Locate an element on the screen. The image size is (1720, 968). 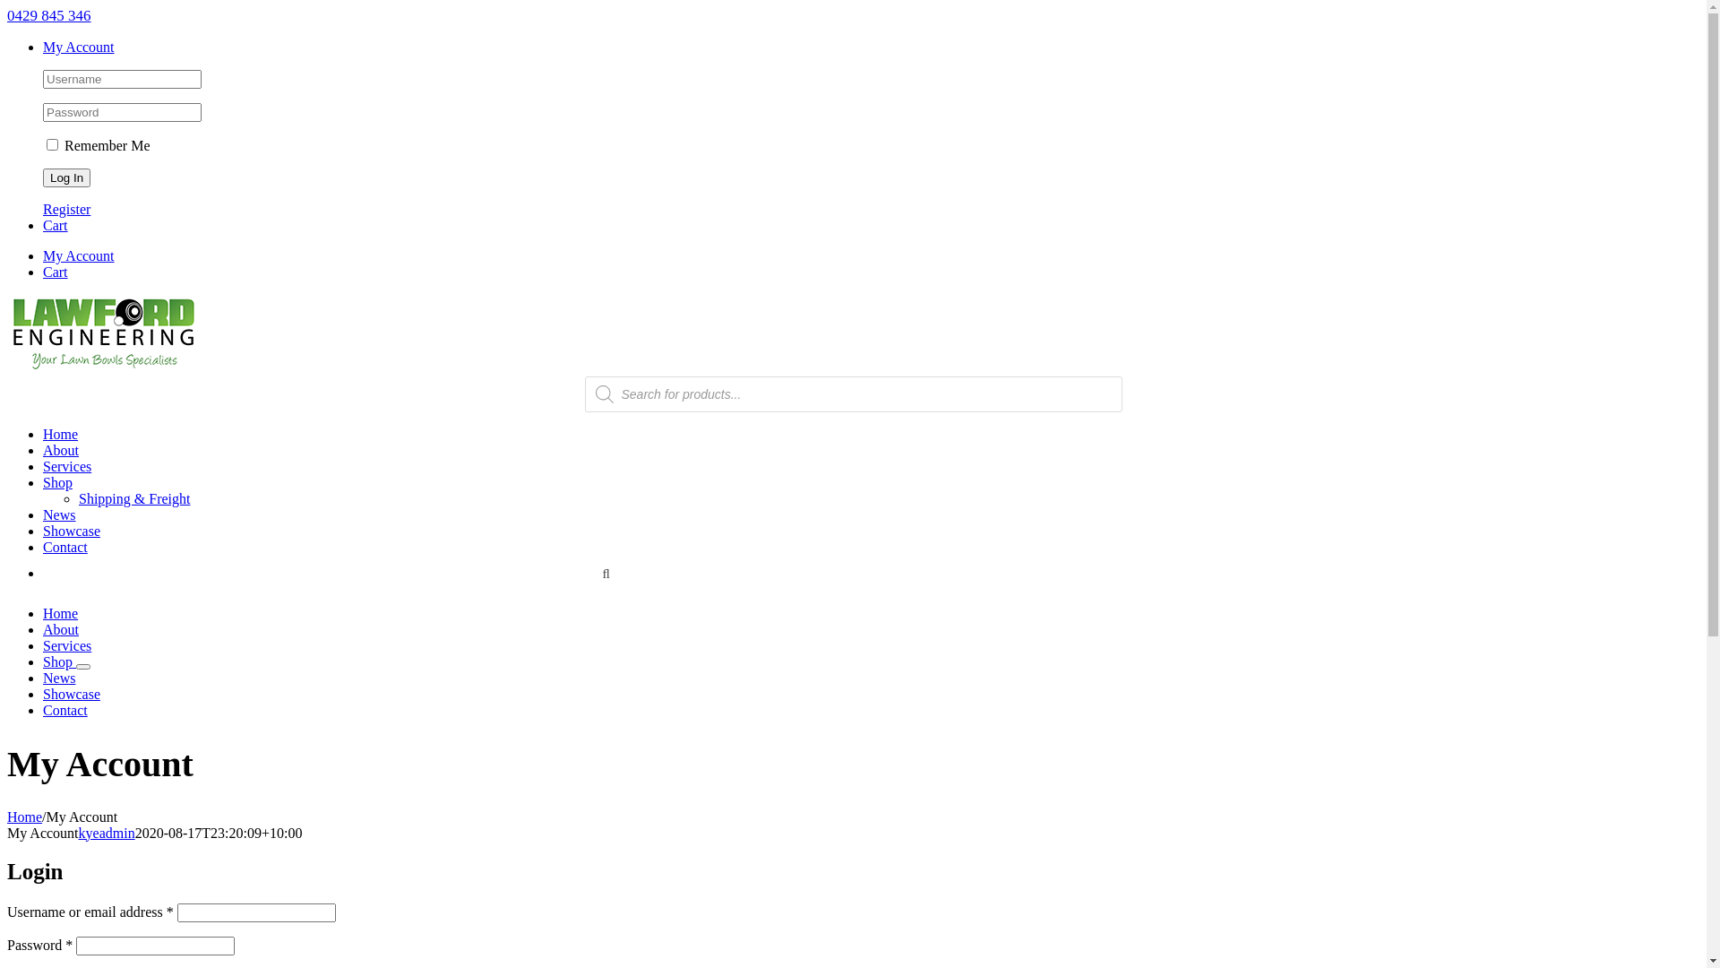
'Register' is located at coordinates (66, 208).